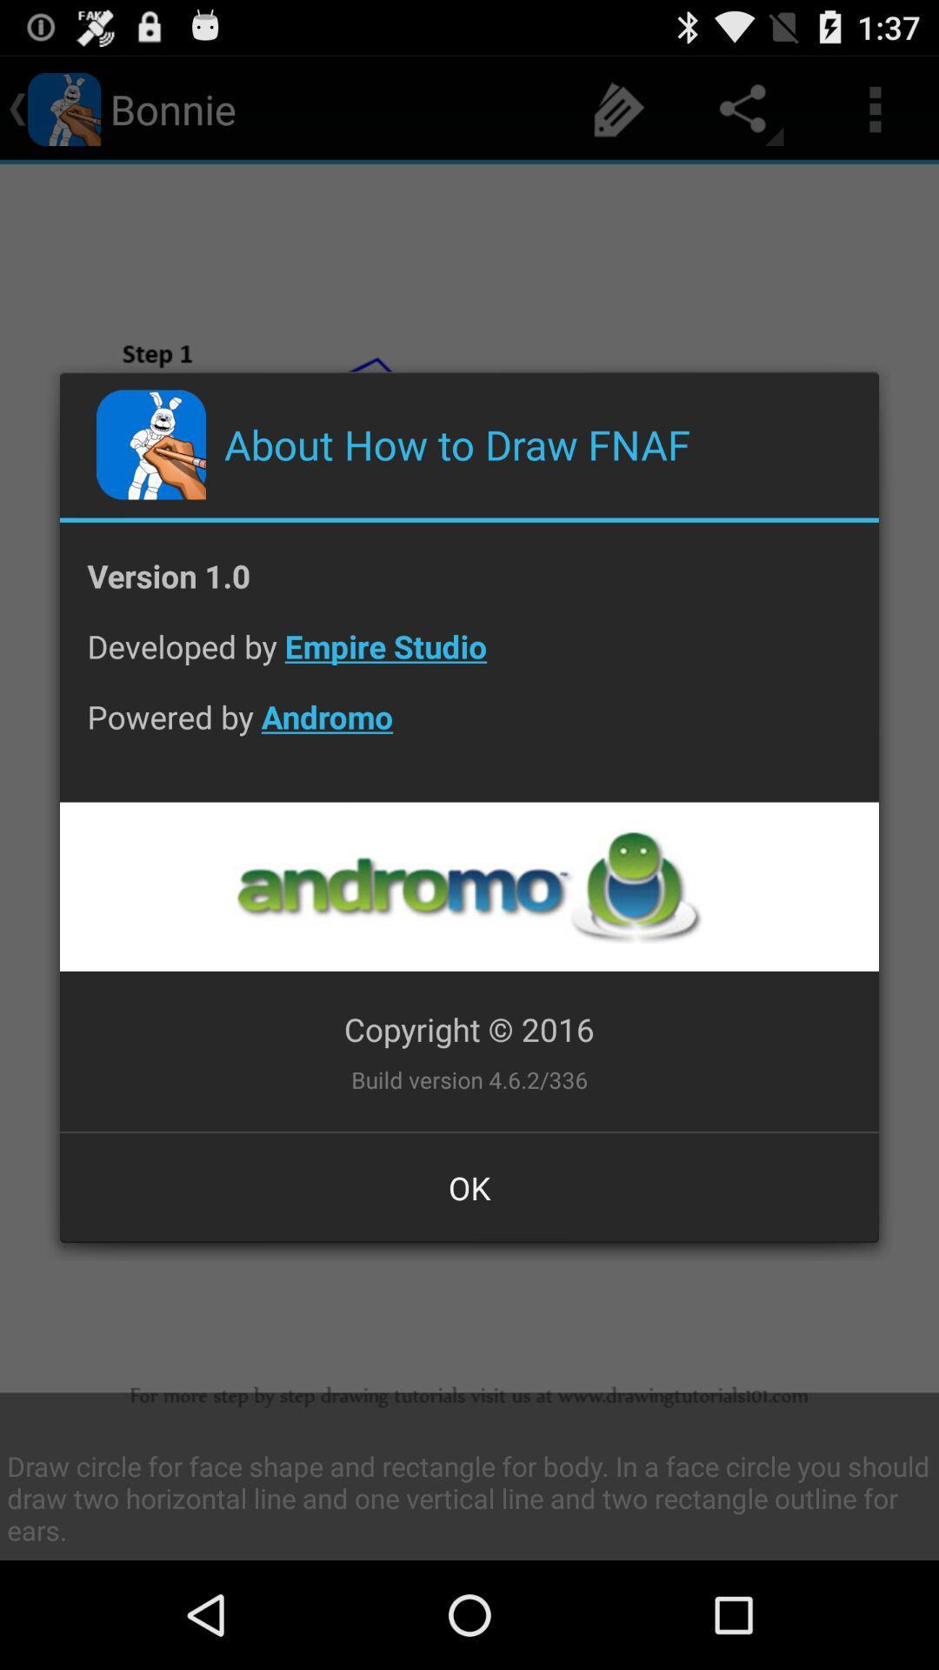 The height and width of the screenshot is (1670, 939). What do you see at coordinates (469, 658) in the screenshot?
I see `item below the version 1.0 icon` at bounding box center [469, 658].